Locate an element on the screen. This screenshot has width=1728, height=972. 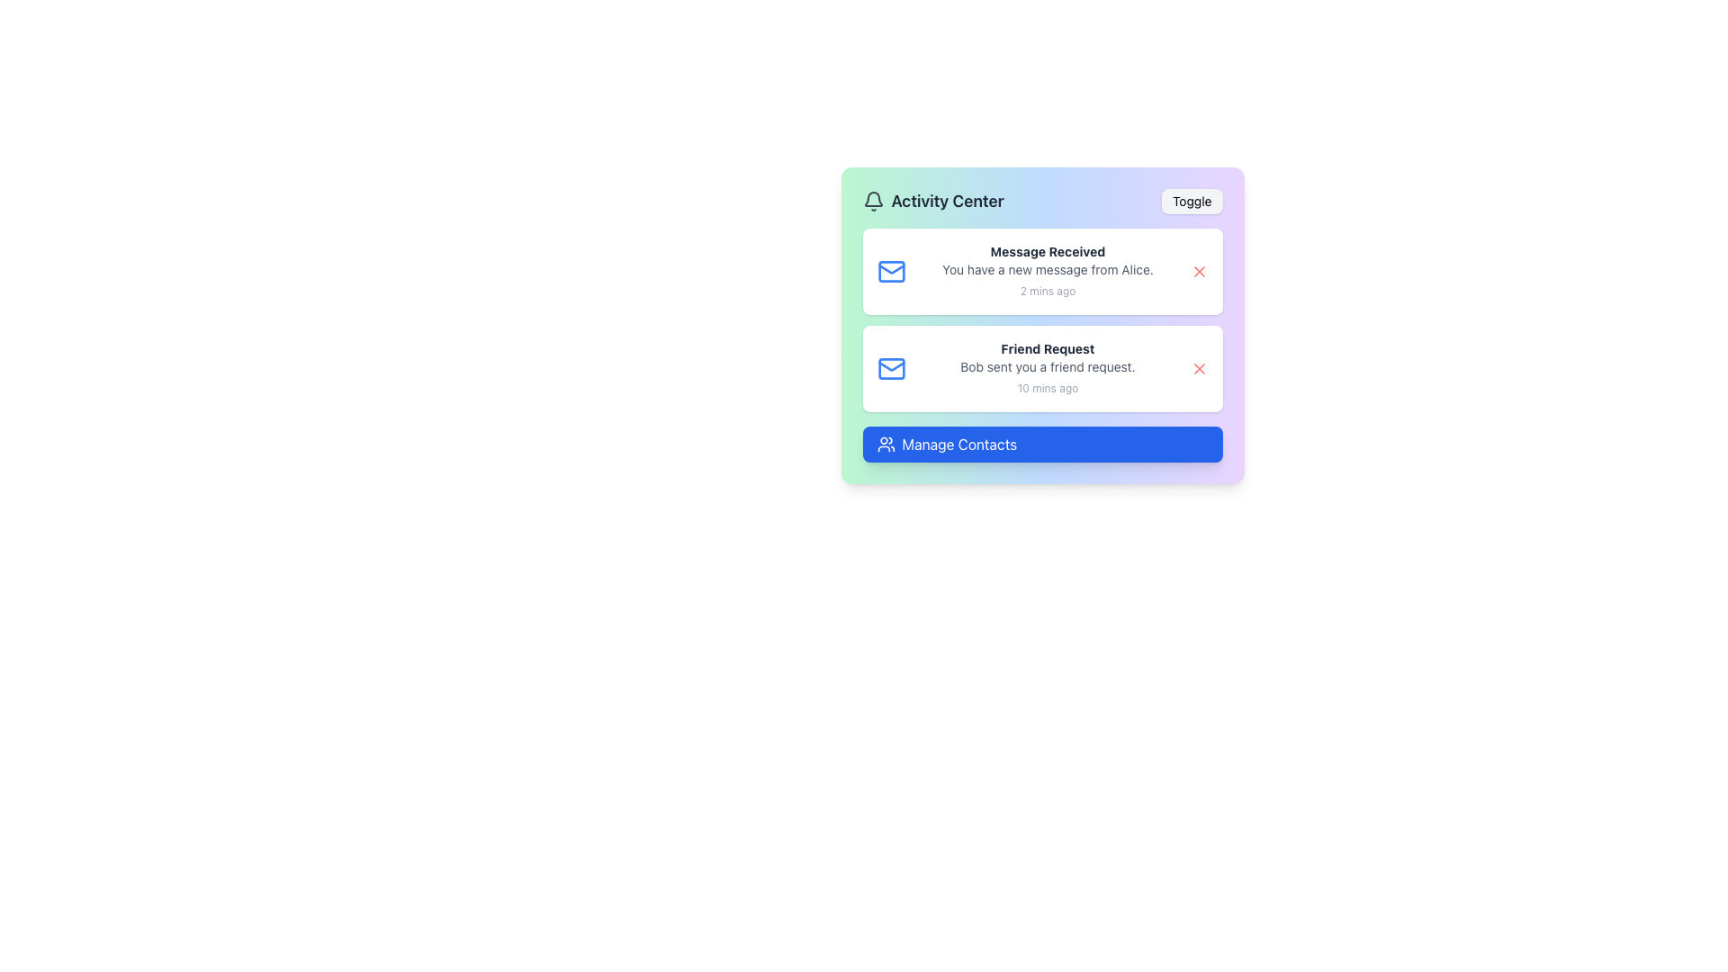
the text label reading '10 mins ago,' which is styled in a small gray font and located under the 'Friend Request' section in the Activity Center panel is located at coordinates (1048, 387).